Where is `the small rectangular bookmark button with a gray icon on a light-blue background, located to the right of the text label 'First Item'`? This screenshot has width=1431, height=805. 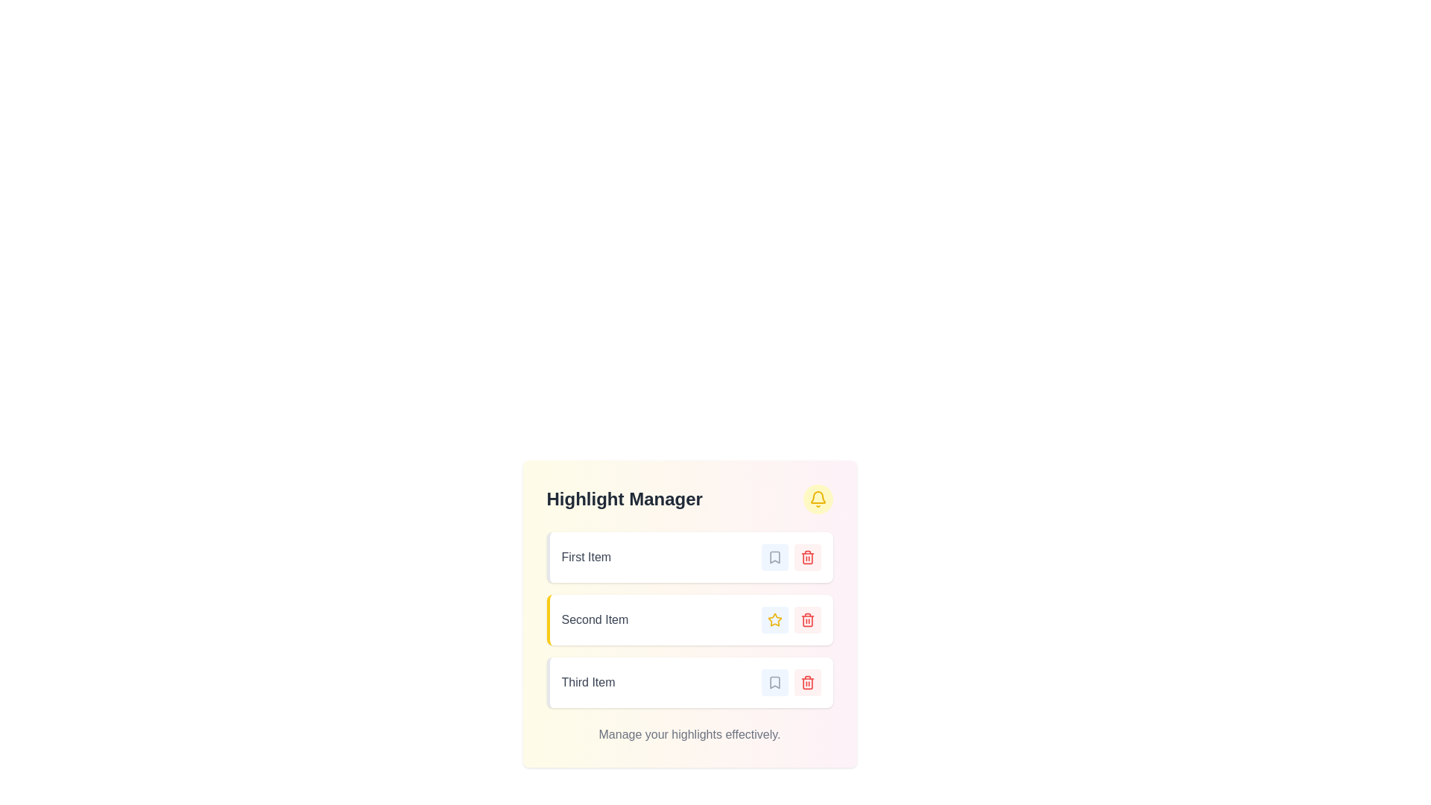
the small rectangular bookmark button with a gray icon on a light-blue background, located to the right of the text label 'First Item' is located at coordinates (774, 558).